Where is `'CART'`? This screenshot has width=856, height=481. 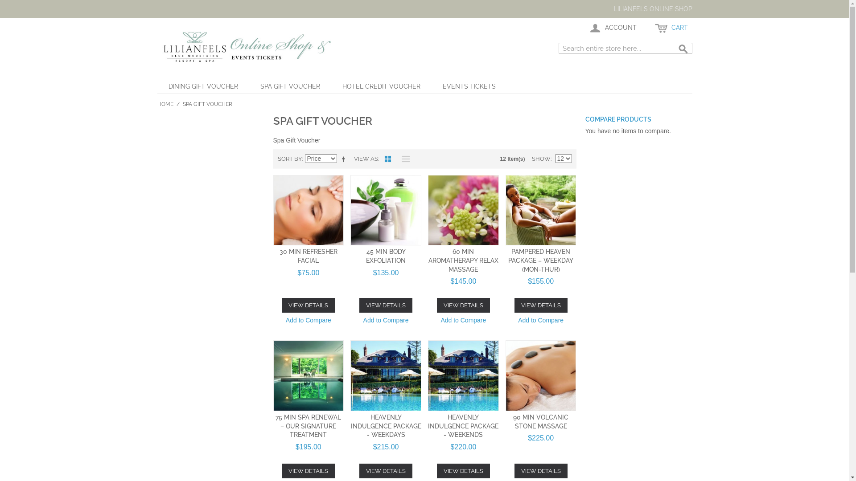
'CART' is located at coordinates (671, 27).